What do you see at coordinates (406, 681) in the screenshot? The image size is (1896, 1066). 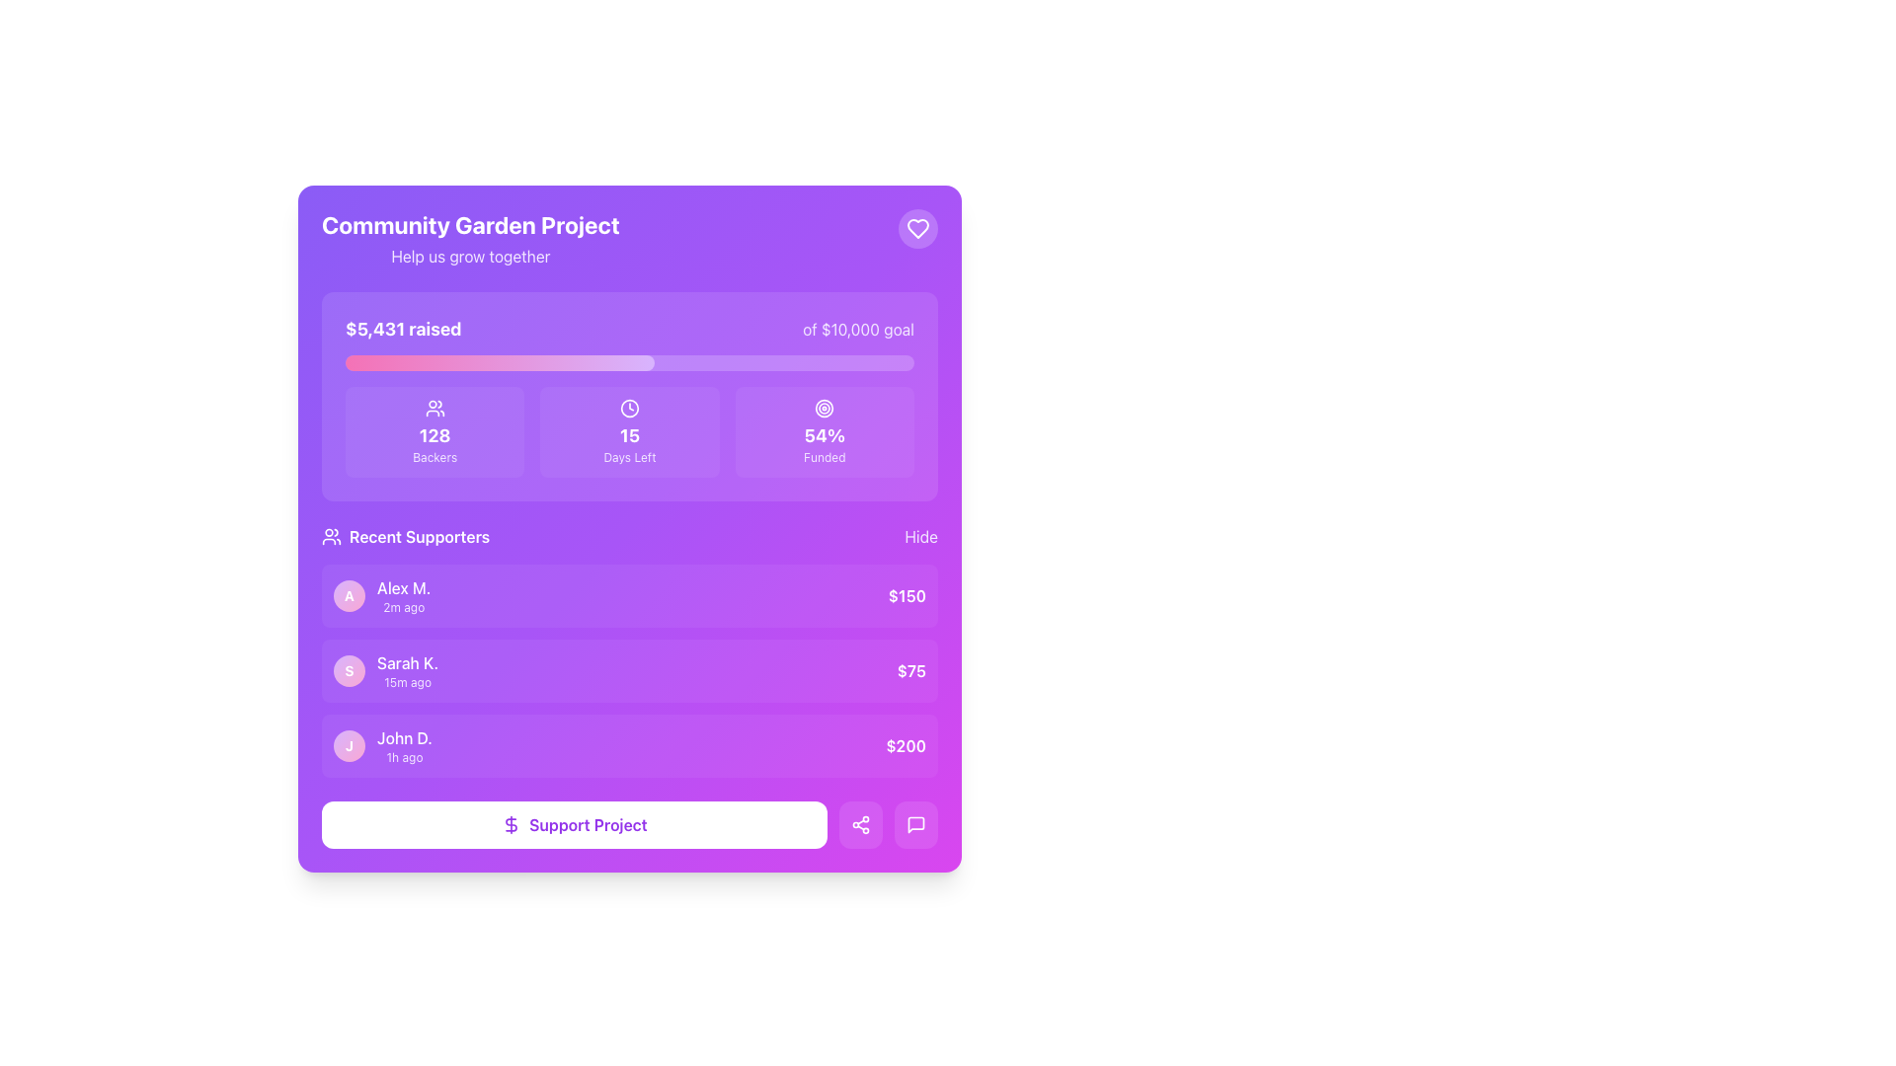 I see `text label displaying '15m ago' located below the name 'Sarah K.' in the Recent Supporters section of the fundraising dashboard` at bounding box center [406, 681].